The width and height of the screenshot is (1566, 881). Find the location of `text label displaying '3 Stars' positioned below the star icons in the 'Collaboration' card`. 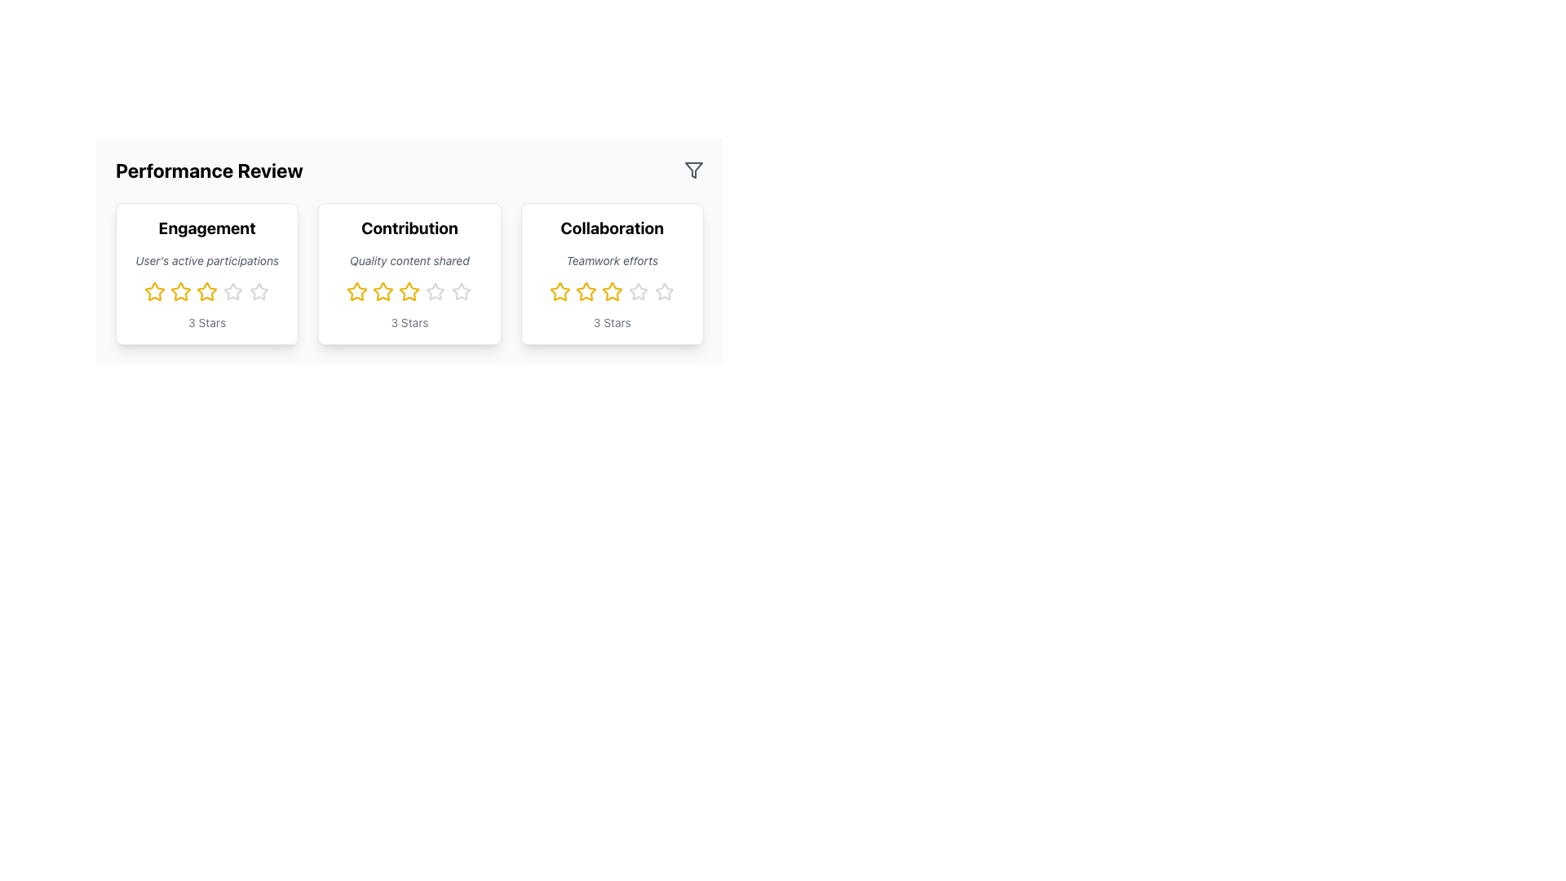

text label displaying '3 Stars' positioned below the star icons in the 'Collaboration' card is located at coordinates (611, 323).